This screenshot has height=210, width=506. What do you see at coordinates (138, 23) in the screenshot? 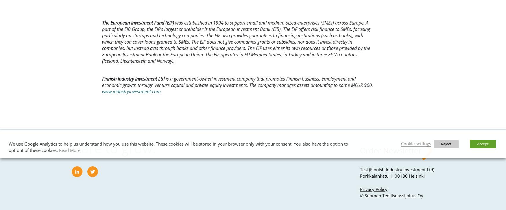
I see `'The European Investment Fund (EIF)'` at bounding box center [138, 23].